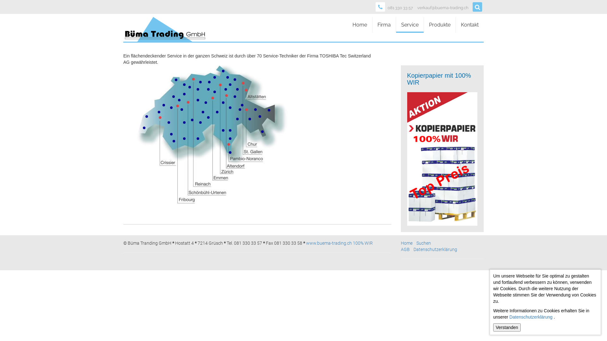 This screenshot has height=341, width=607. What do you see at coordinates (423, 243) in the screenshot?
I see `'Suchen'` at bounding box center [423, 243].